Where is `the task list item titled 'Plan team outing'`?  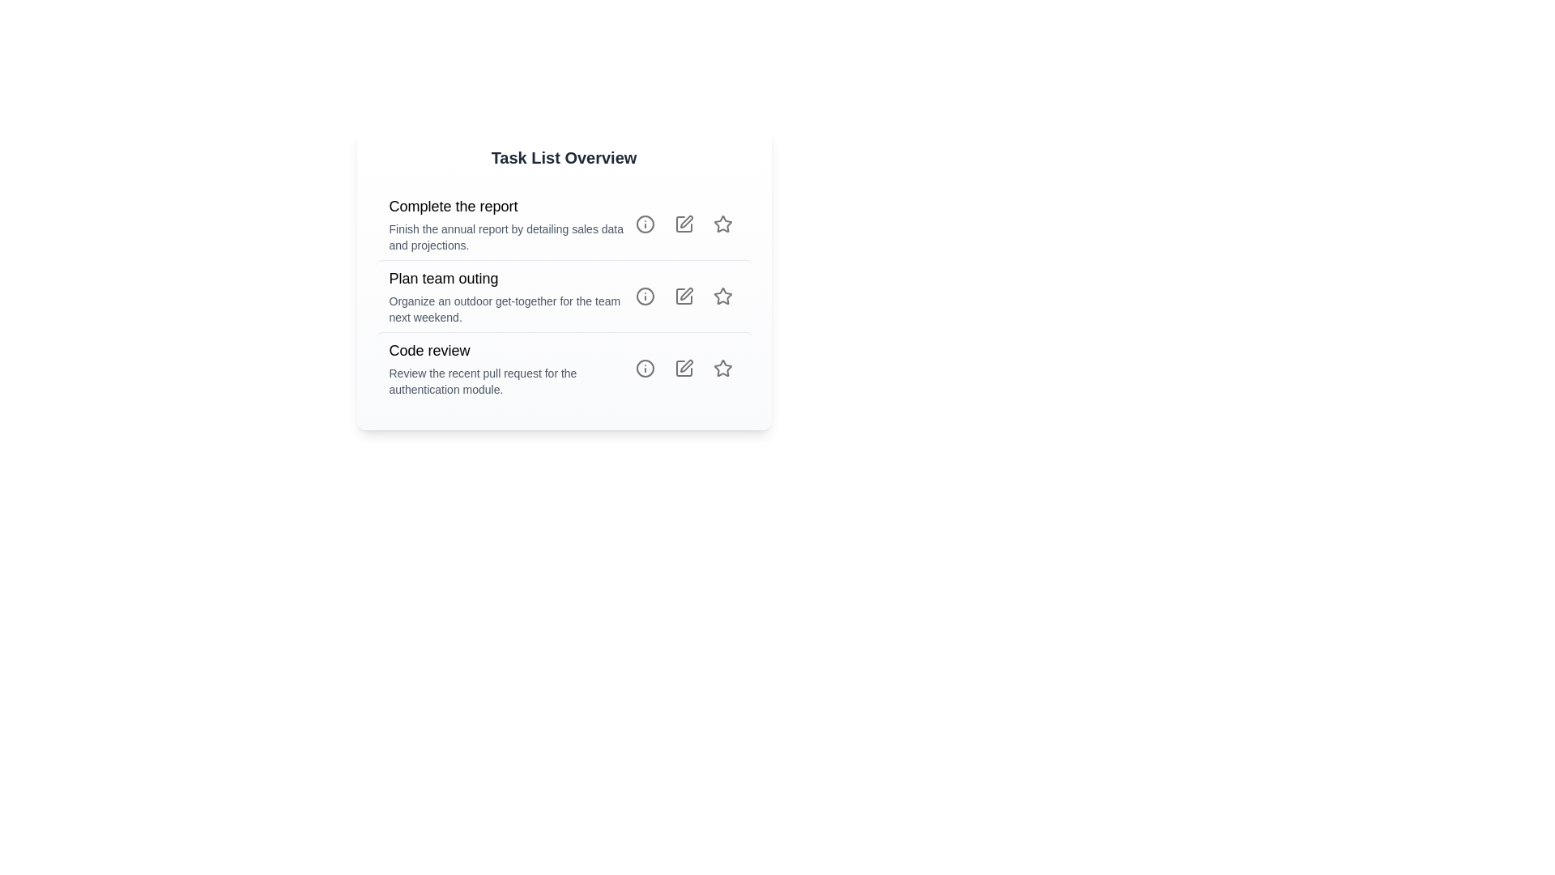 the task list item titled 'Plan team outing' is located at coordinates (564, 296).